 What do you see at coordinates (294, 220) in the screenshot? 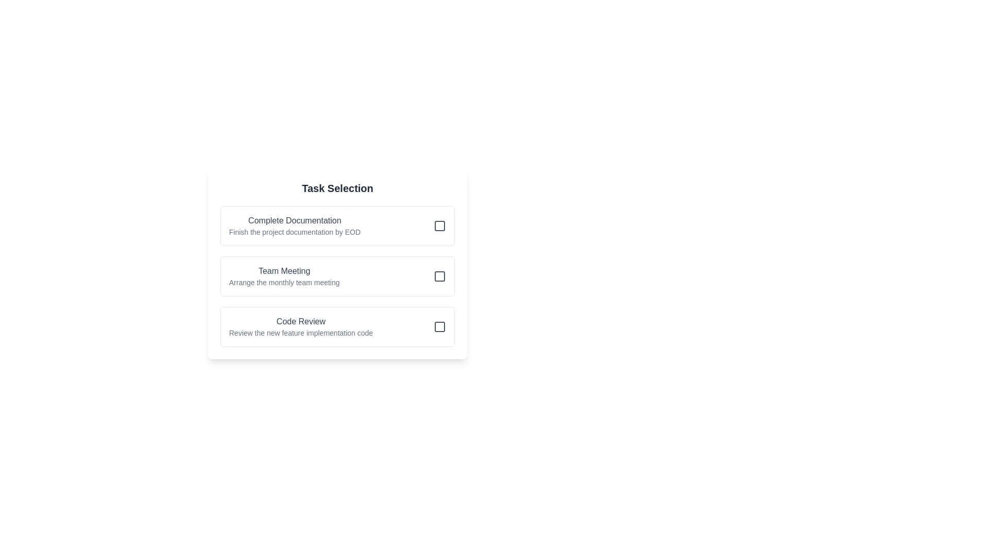
I see `the text label that serves as a title for the task, located at the top of the first task card in the 'Task Selection' section, directly above the description 'Finish the project documentation by EOD.'` at bounding box center [294, 220].